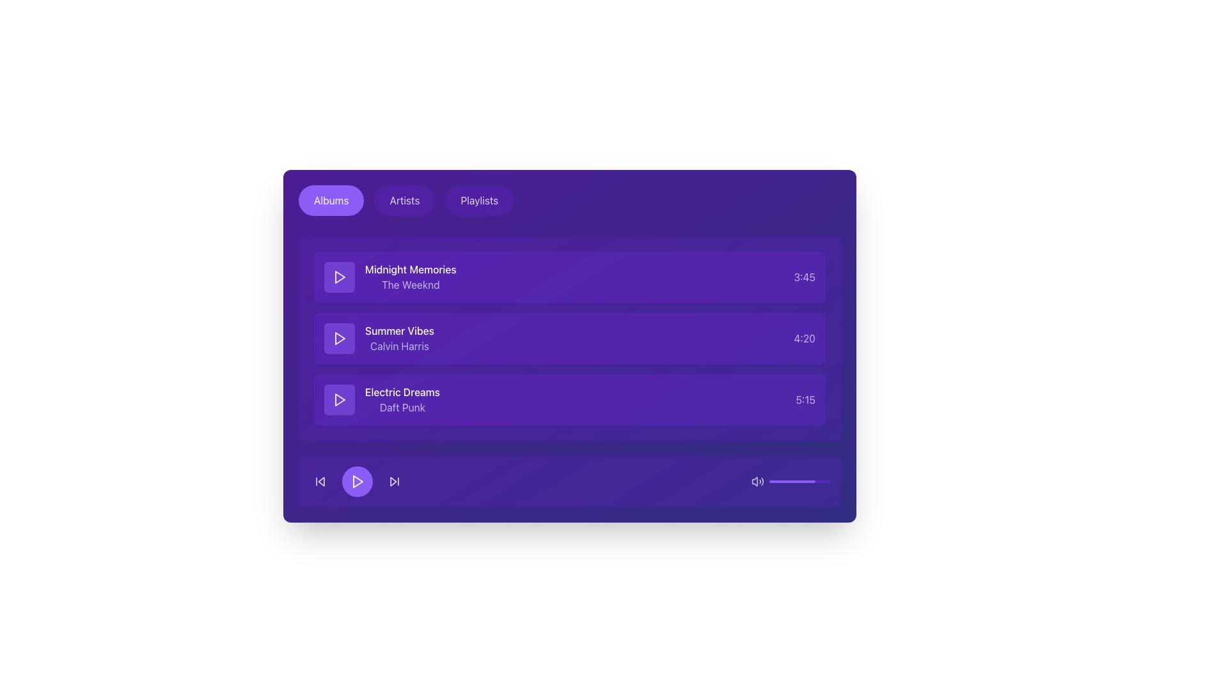  Describe the element at coordinates (402, 407) in the screenshot. I see `the text label displaying the artist's name located below the bold text 'Electric Dreams' in the third row of the music playlist interface` at that location.